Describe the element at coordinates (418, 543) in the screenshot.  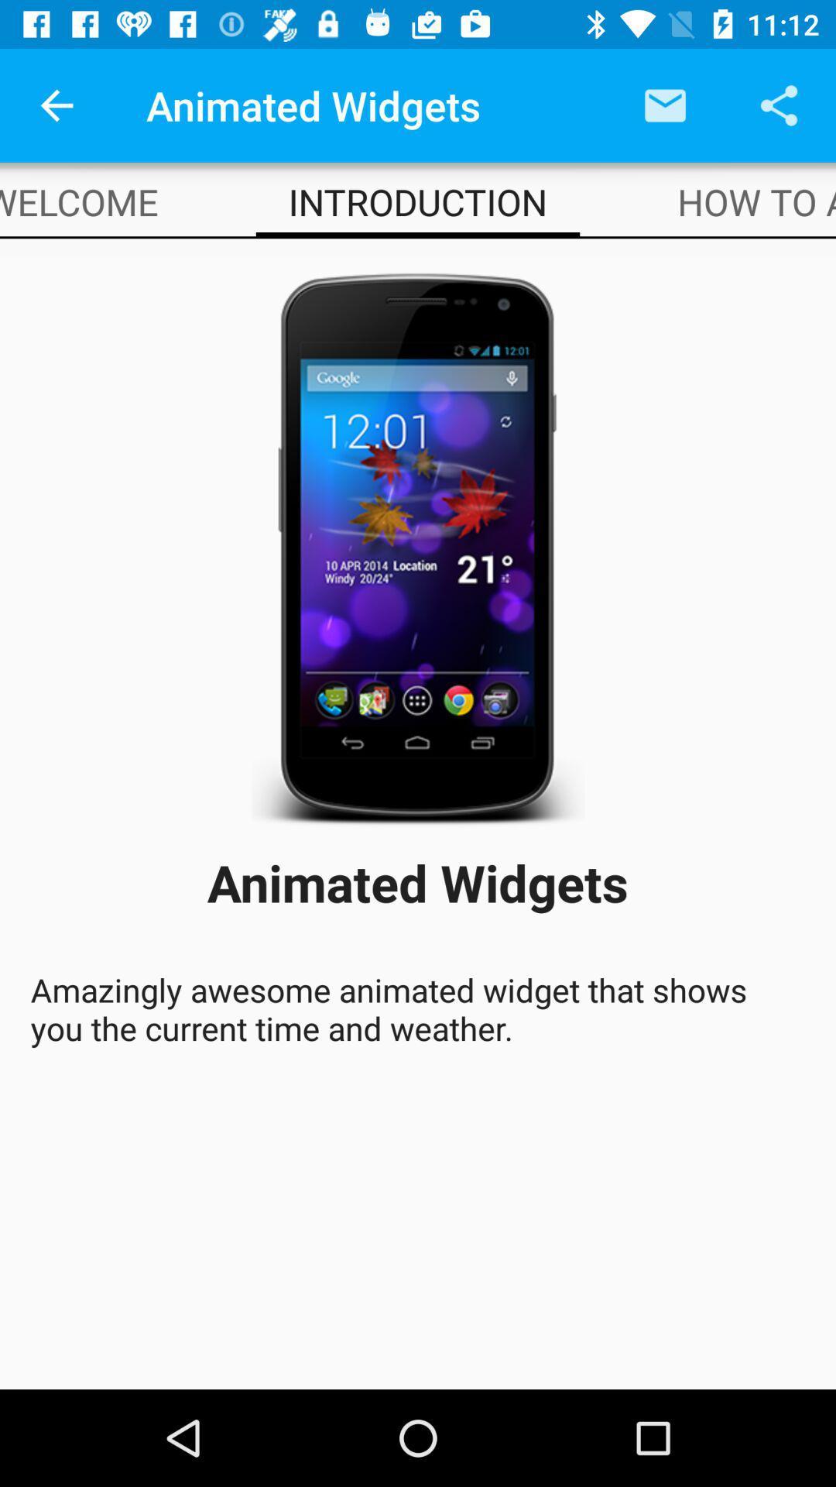
I see `app below introduction` at that location.